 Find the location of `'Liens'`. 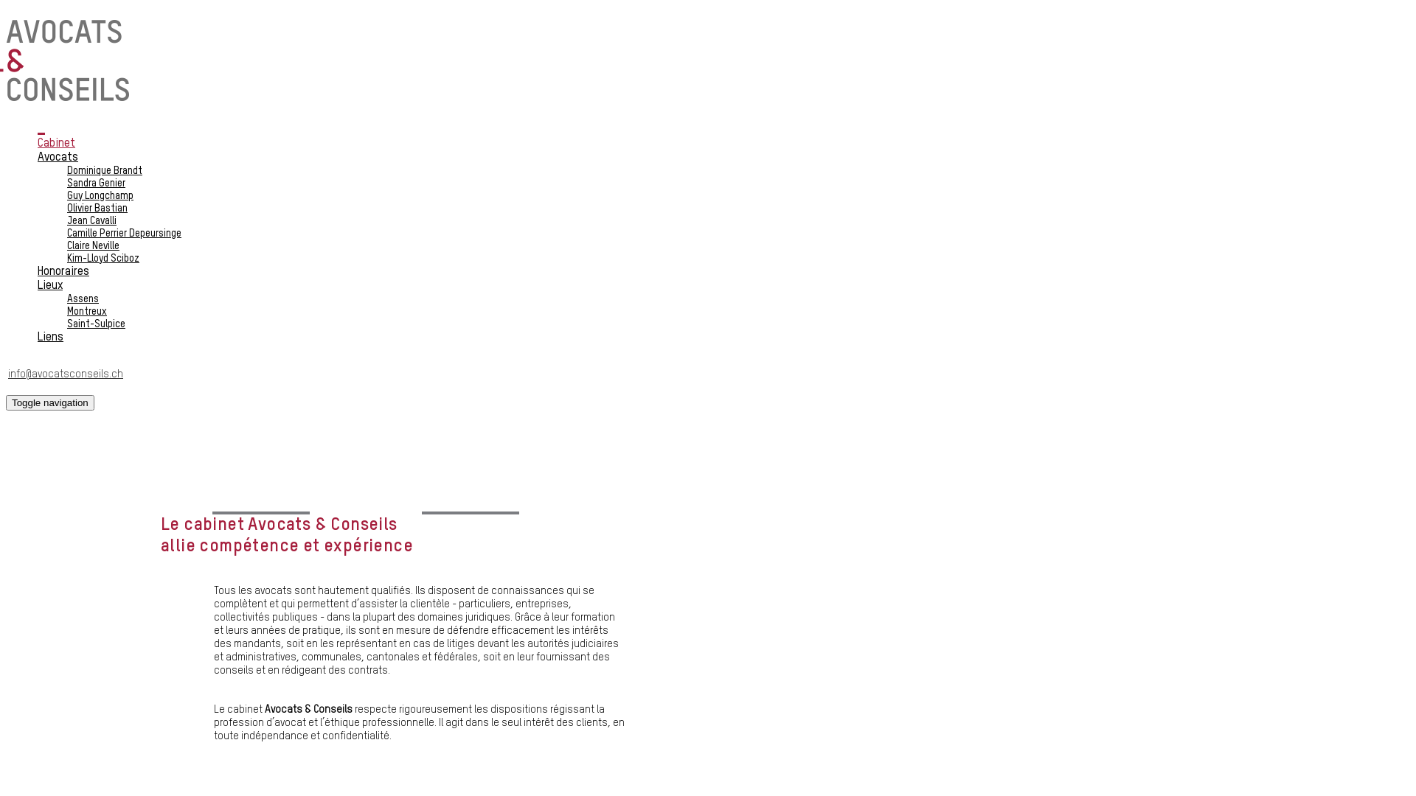

'Liens' is located at coordinates (50, 338).